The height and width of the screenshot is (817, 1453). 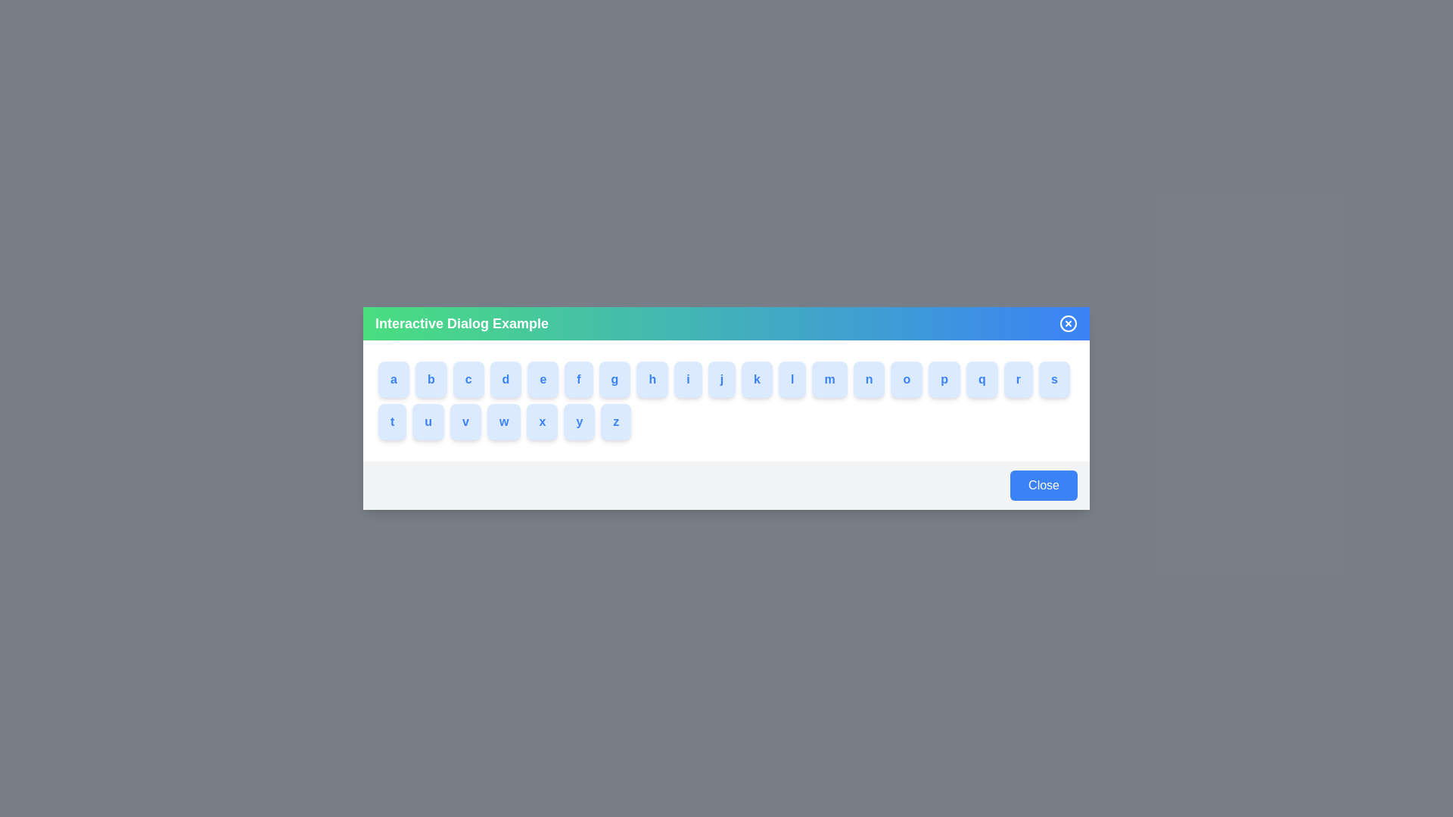 What do you see at coordinates (771, 378) in the screenshot?
I see `the button labeled with k` at bounding box center [771, 378].